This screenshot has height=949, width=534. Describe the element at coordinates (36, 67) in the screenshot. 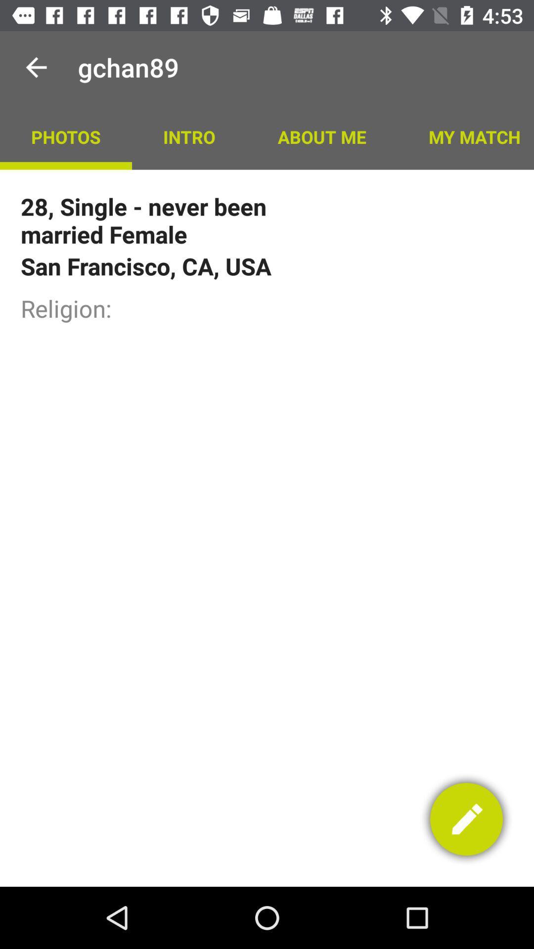

I see `the app to the left of gchan89` at that location.